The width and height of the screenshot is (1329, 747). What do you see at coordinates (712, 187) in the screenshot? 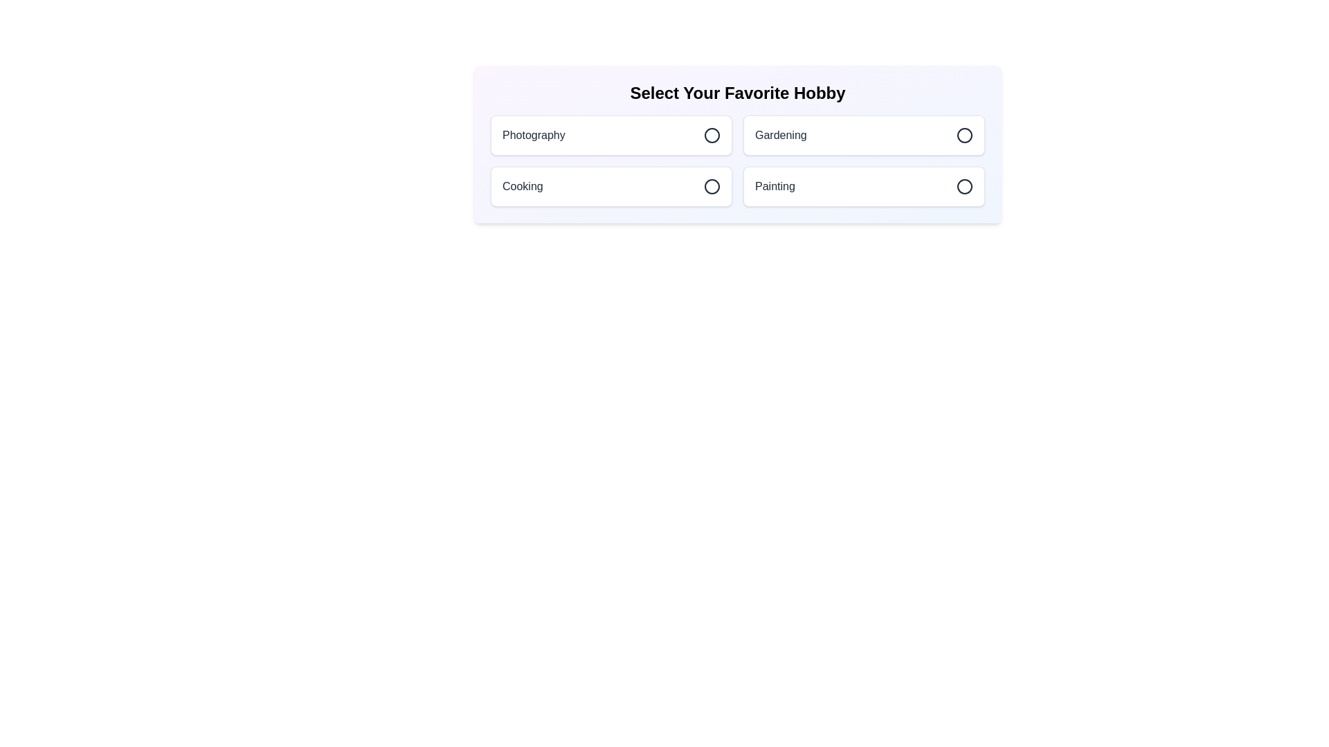
I see `the circular selector within the radio button labeled 'Cooking' to deselect the option` at bounding box center [712, 187].